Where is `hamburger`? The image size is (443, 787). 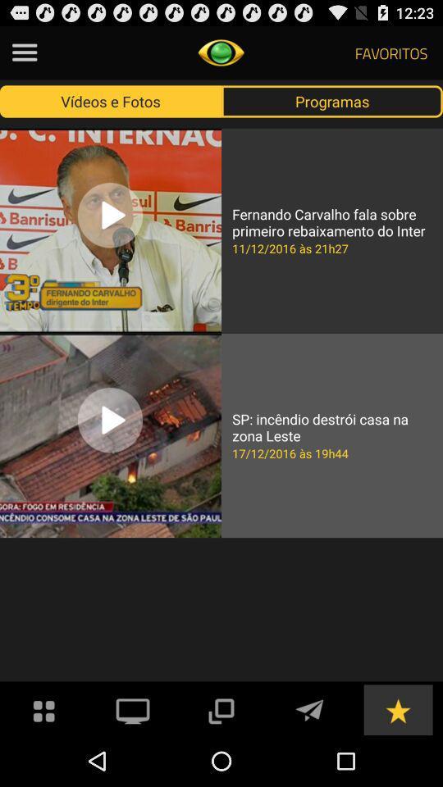 hamburger is located at coordinates (24, 52).